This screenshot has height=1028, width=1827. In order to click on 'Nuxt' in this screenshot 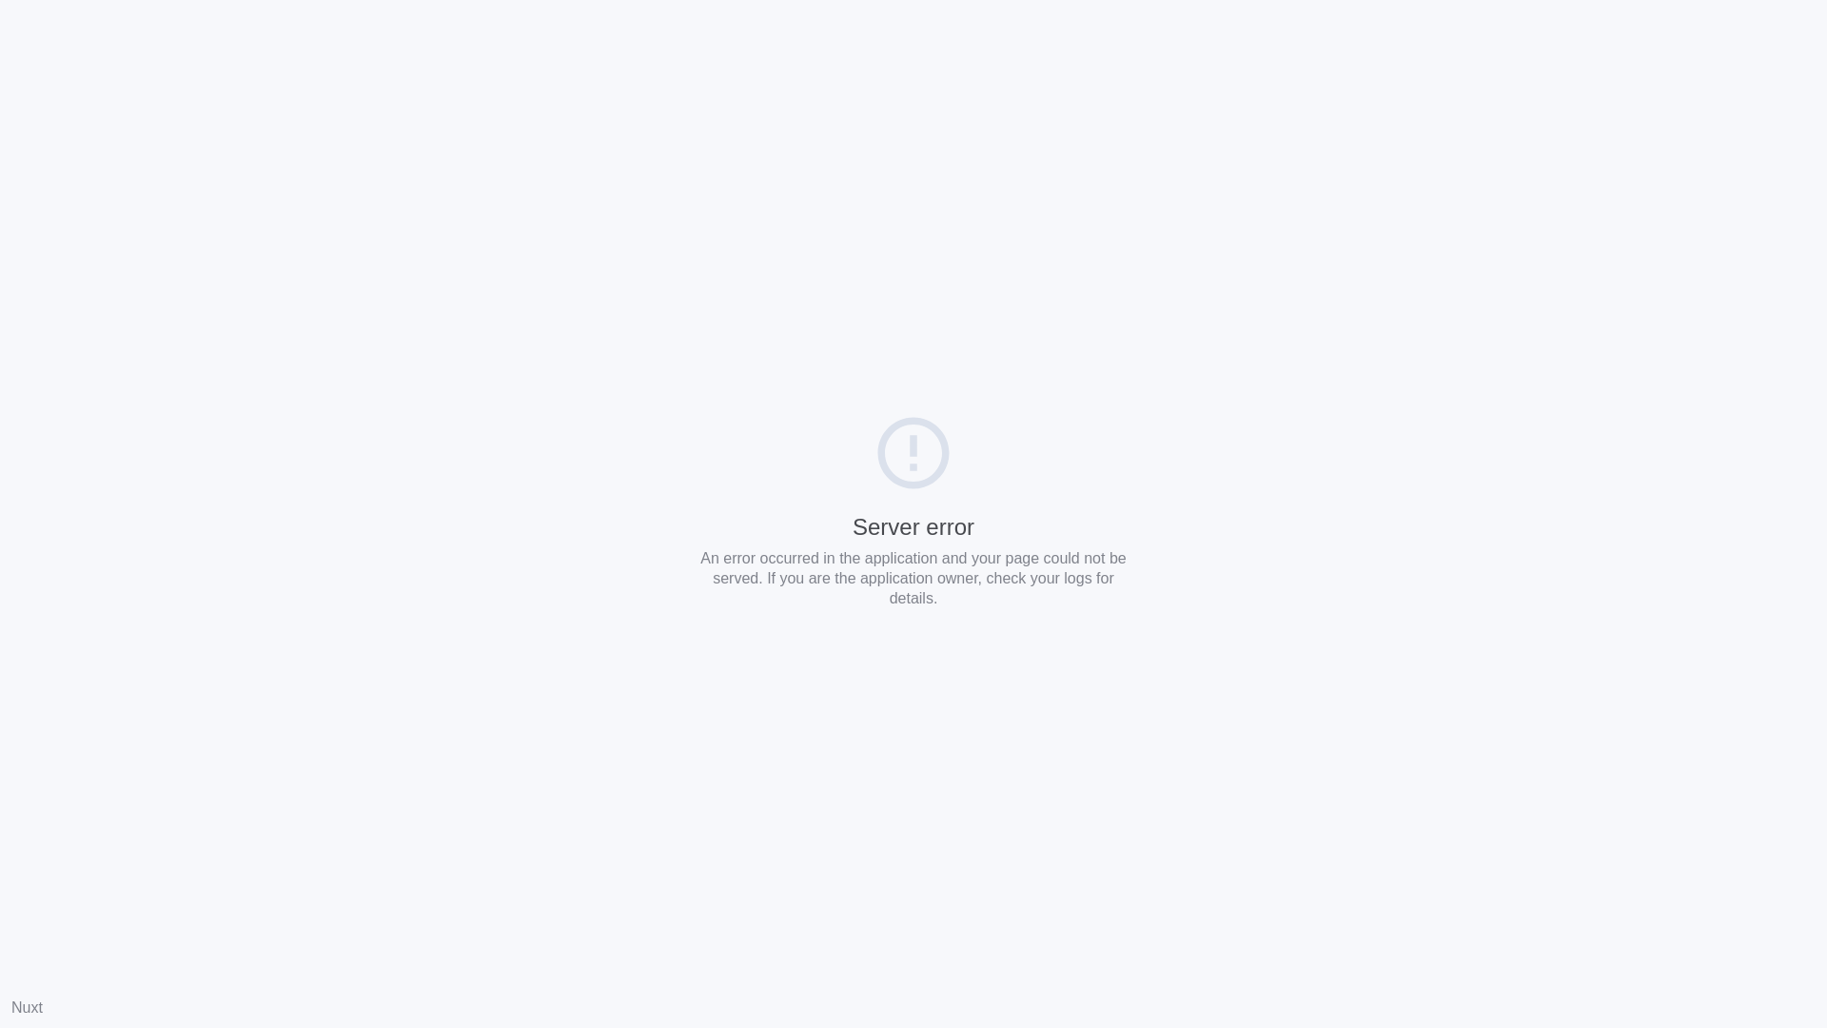, I will do `click(27, 1006)`.